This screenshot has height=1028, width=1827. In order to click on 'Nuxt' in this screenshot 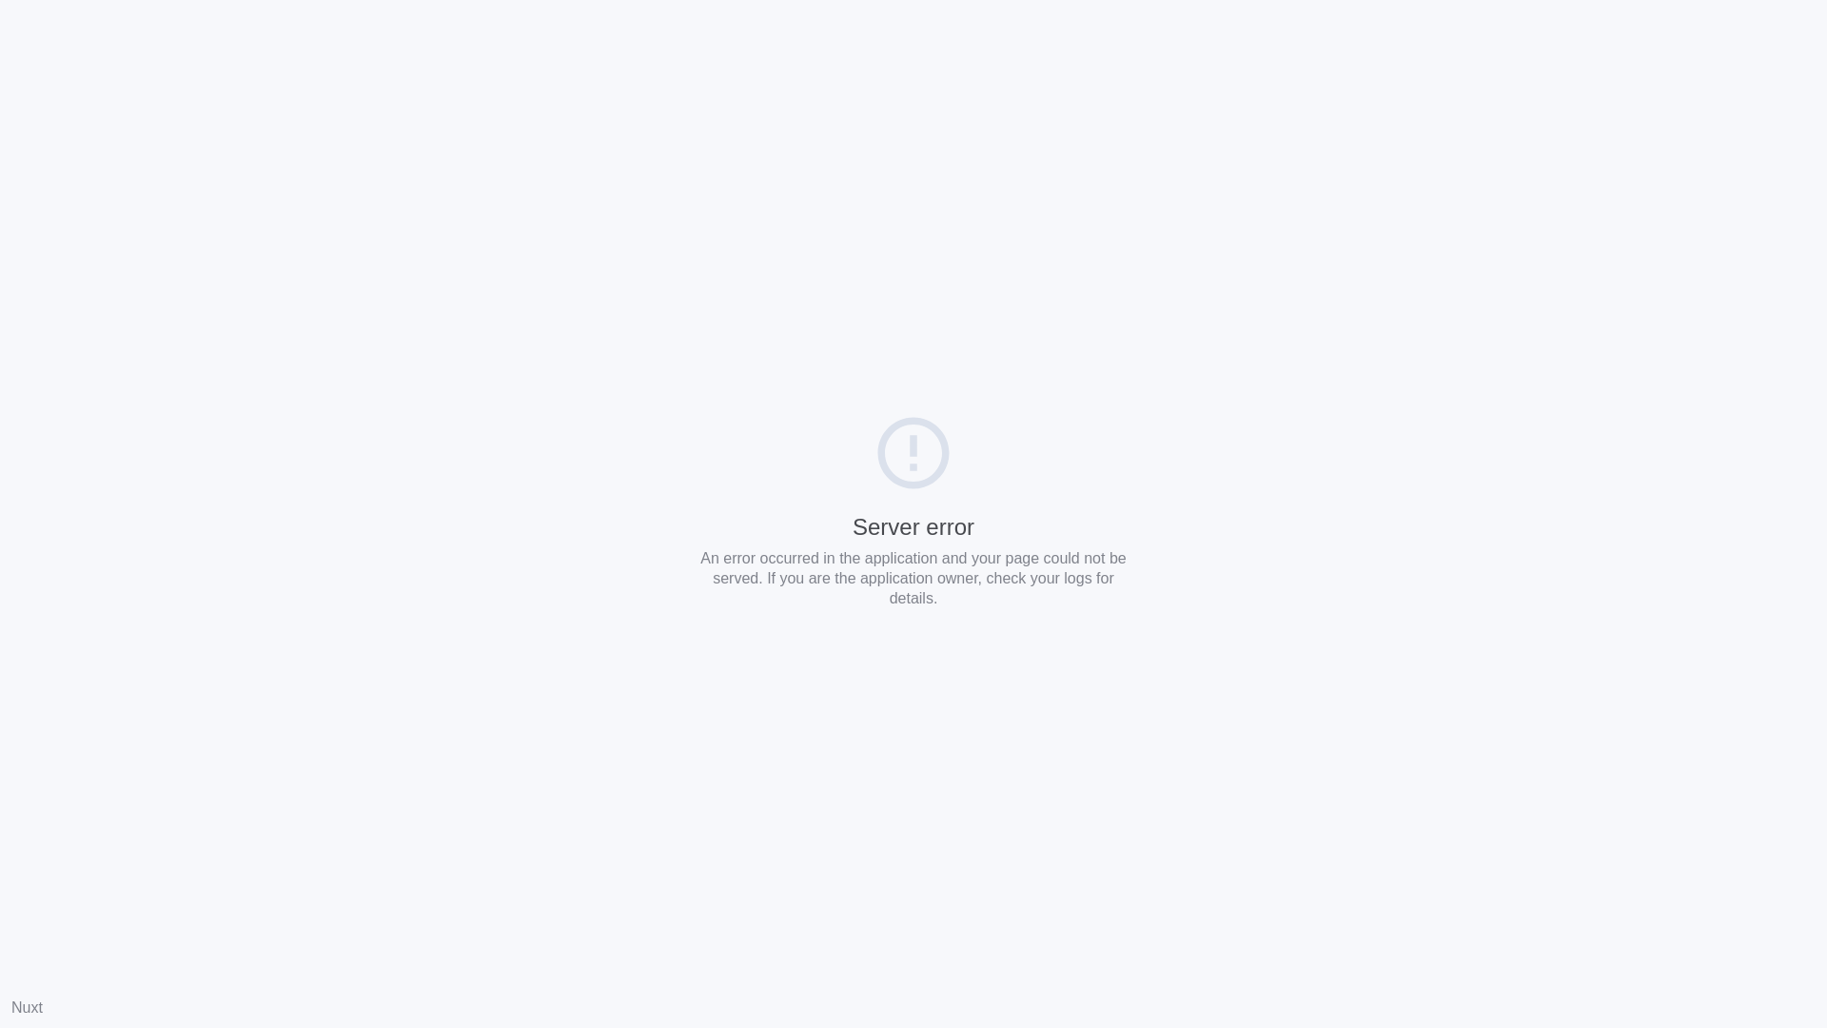, I will do `click(27, 1006)`.